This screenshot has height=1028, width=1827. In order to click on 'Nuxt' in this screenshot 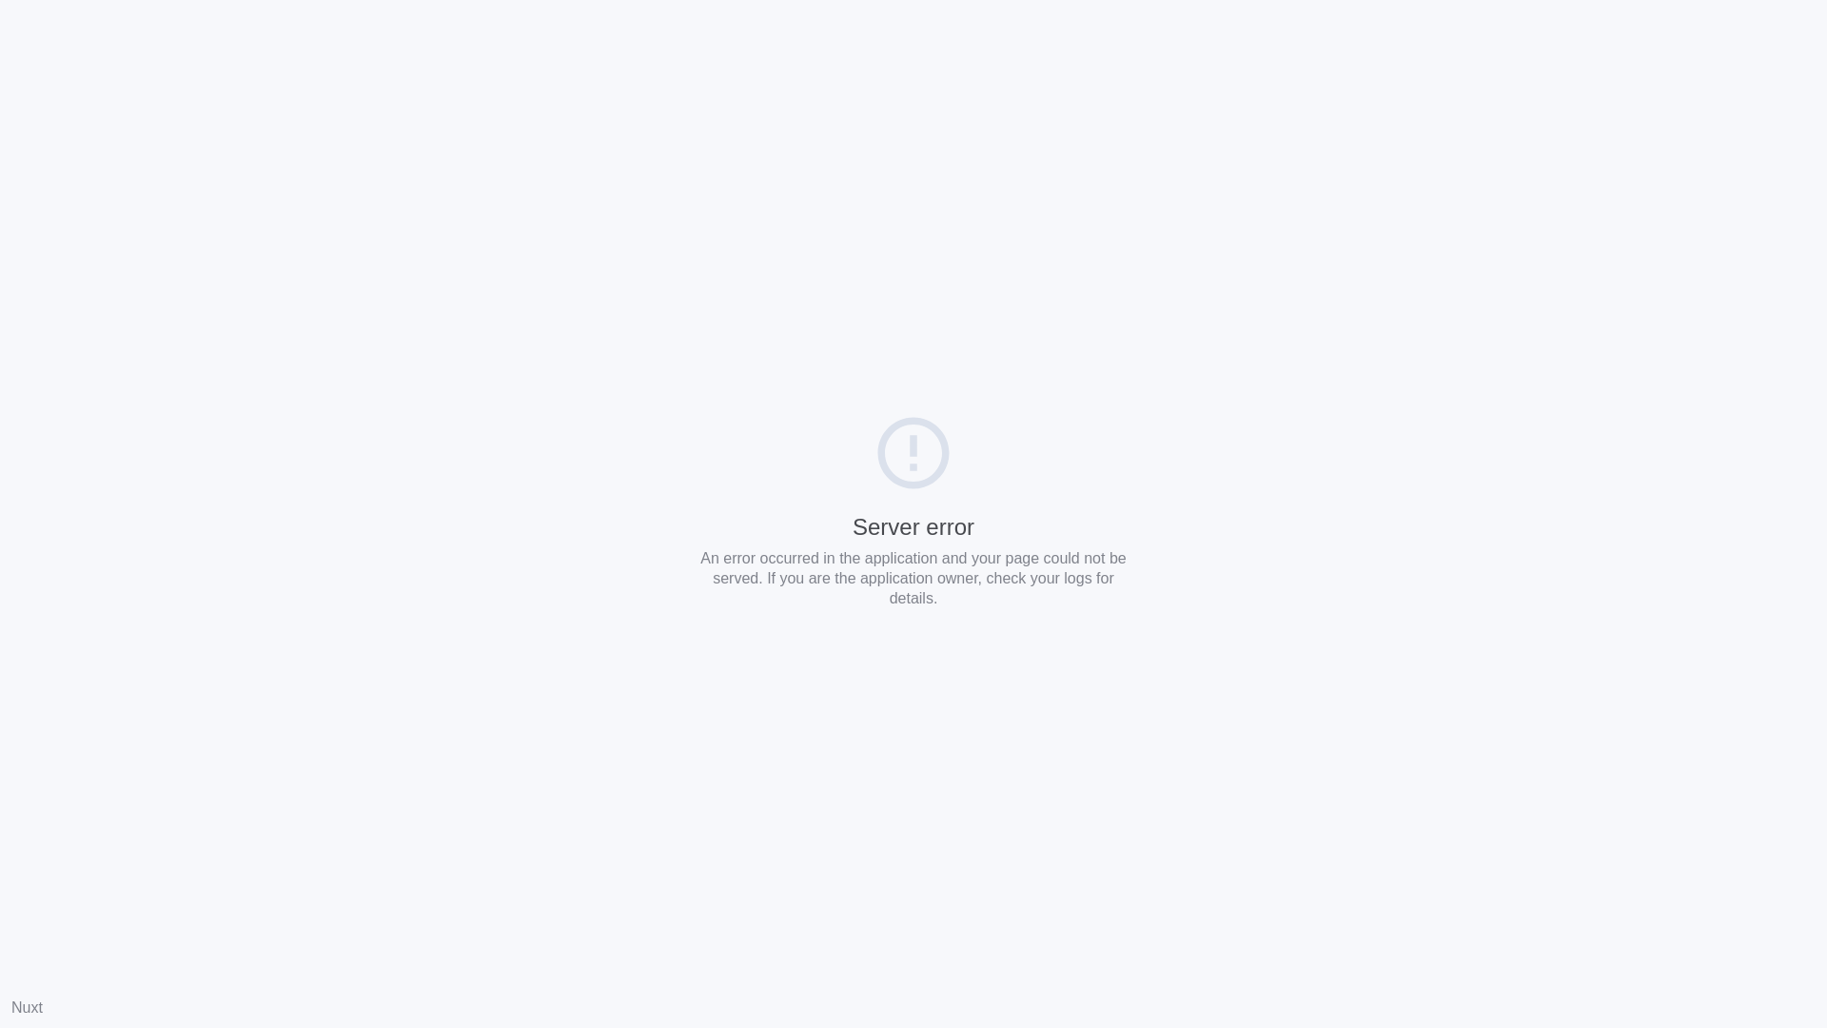, I will do `click(27, 1006)`.